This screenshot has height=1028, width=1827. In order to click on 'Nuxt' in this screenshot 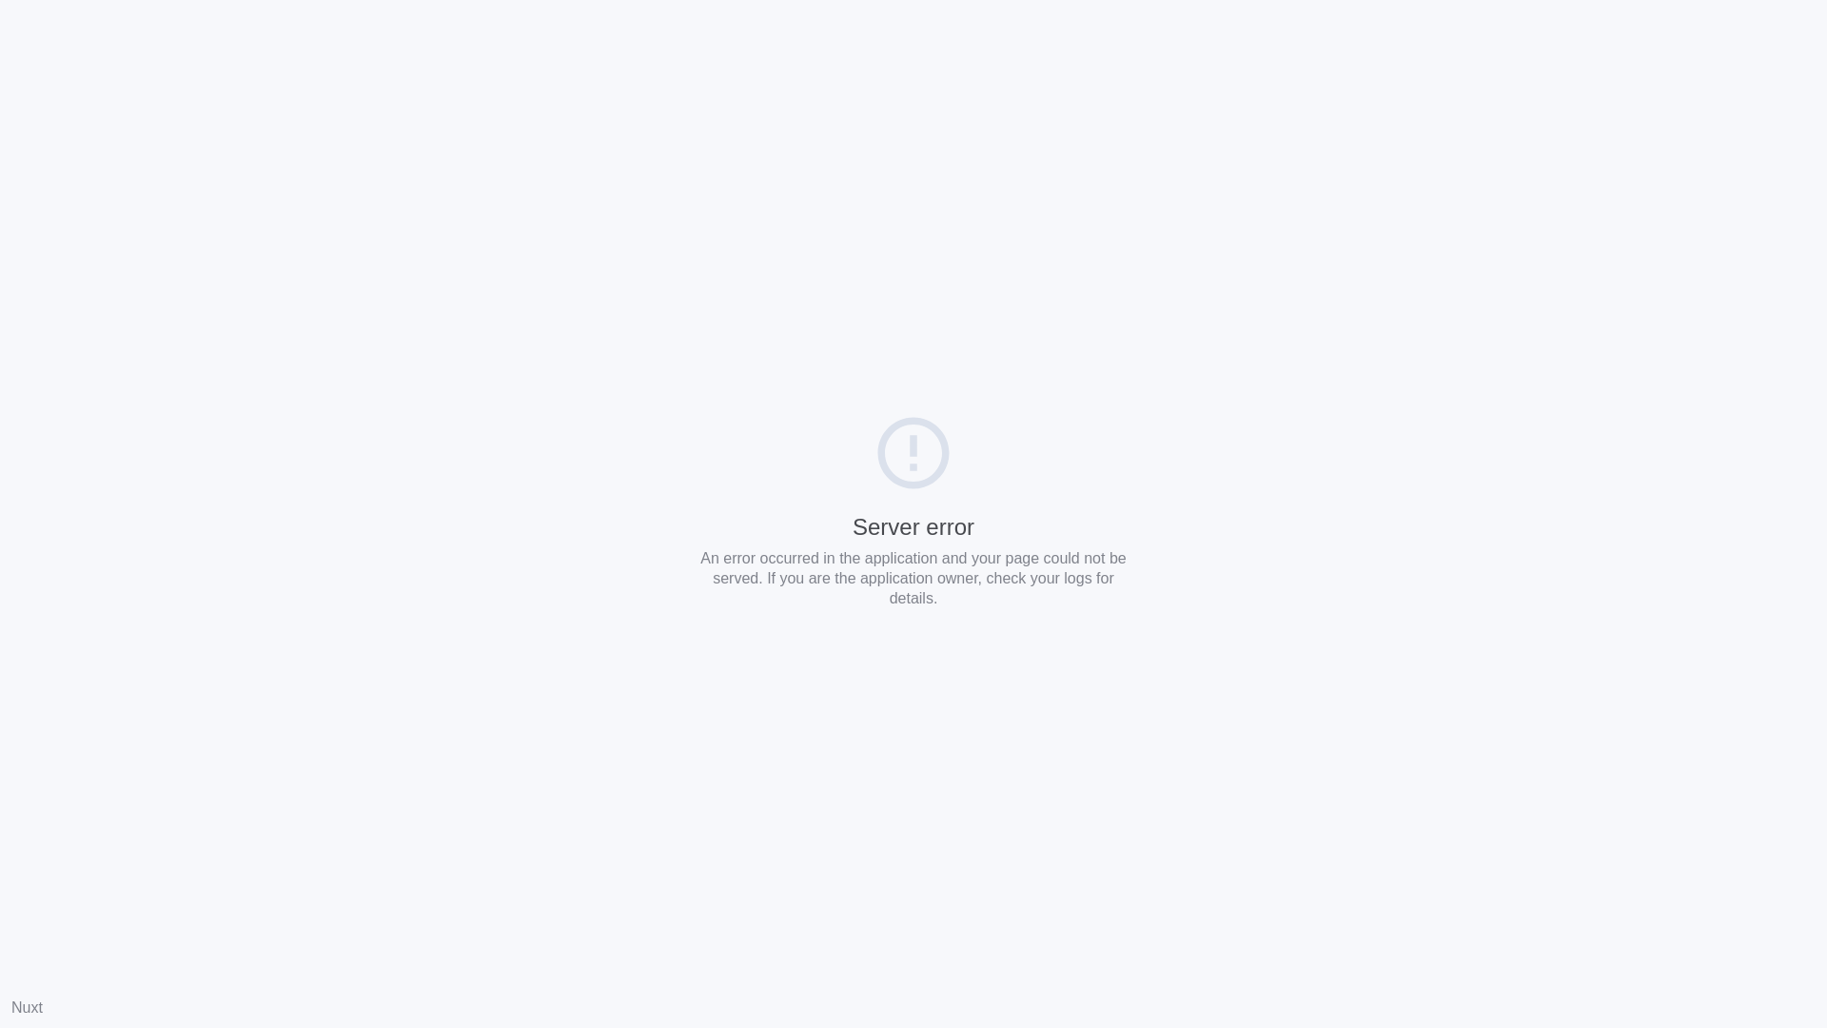, I will do `click(27, 1006)`.